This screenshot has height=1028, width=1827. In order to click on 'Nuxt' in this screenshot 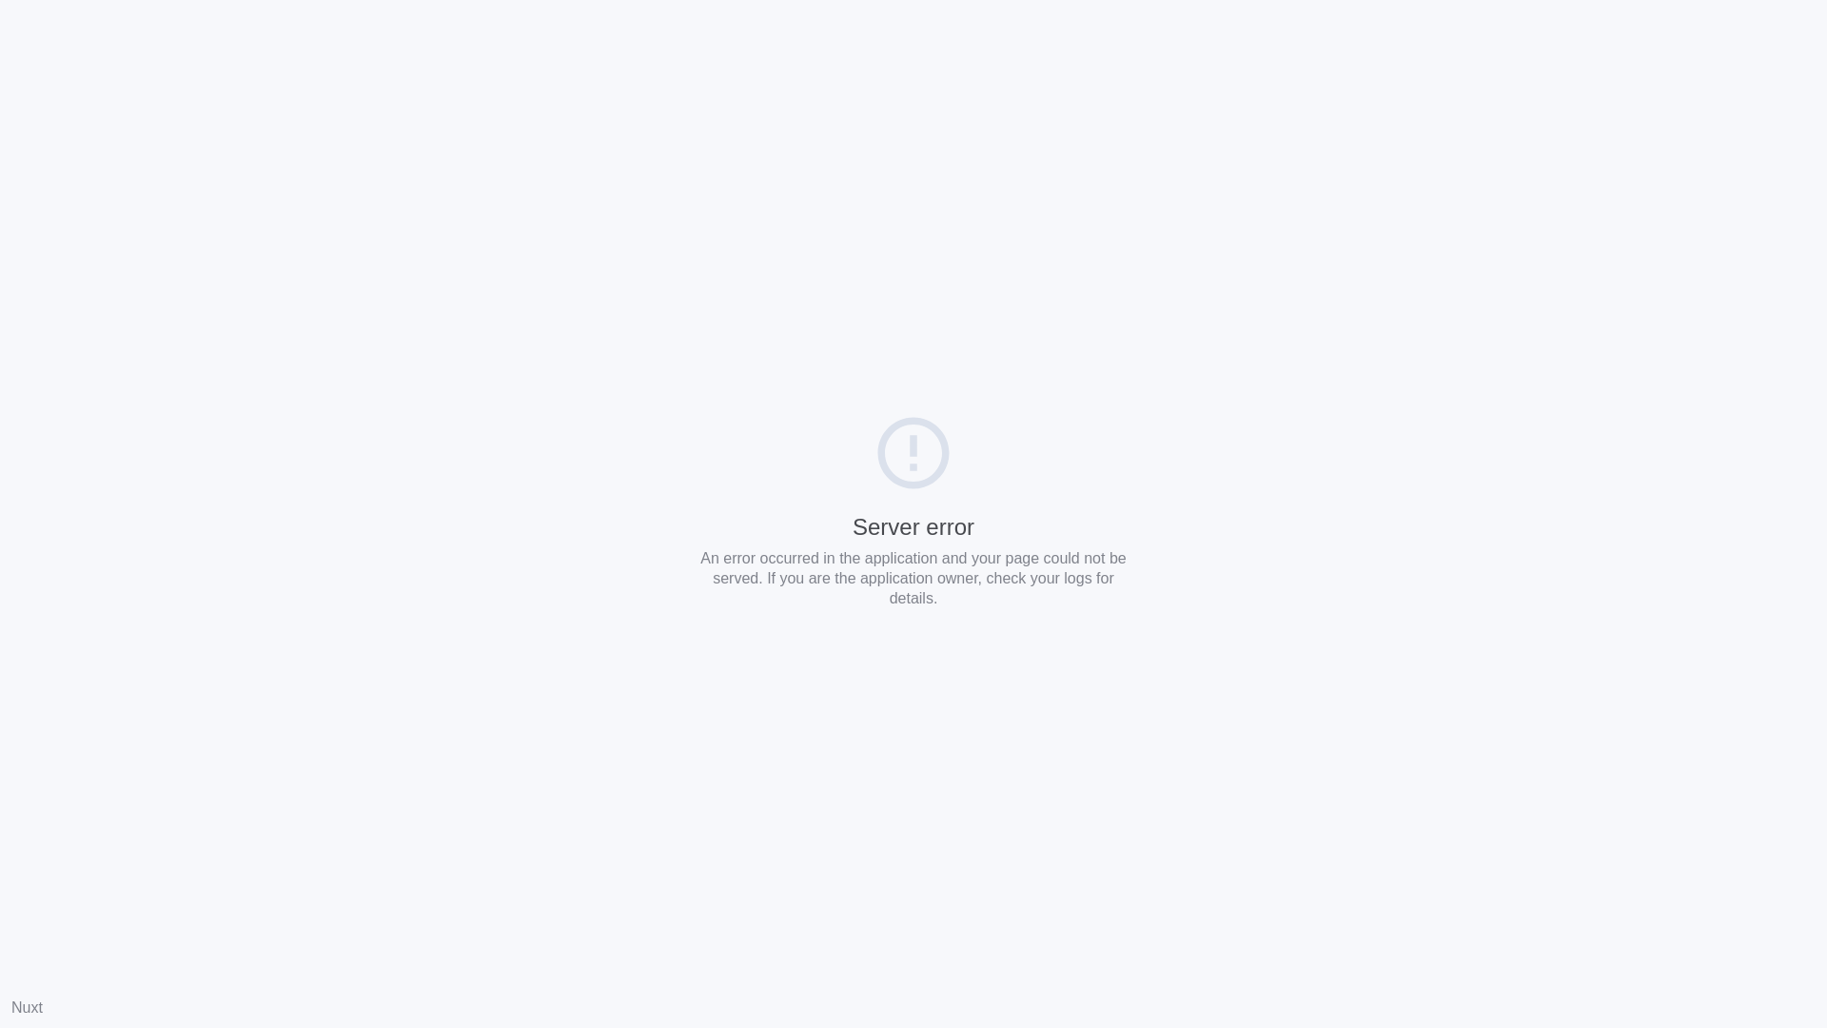, I will do `click(27, 1006)`.